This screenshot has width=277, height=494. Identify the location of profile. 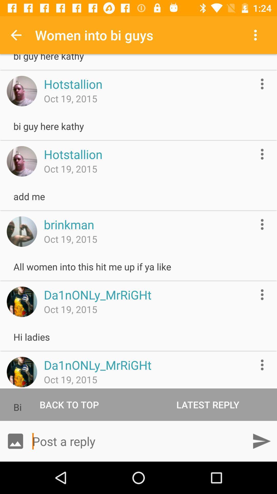
(22, 302).